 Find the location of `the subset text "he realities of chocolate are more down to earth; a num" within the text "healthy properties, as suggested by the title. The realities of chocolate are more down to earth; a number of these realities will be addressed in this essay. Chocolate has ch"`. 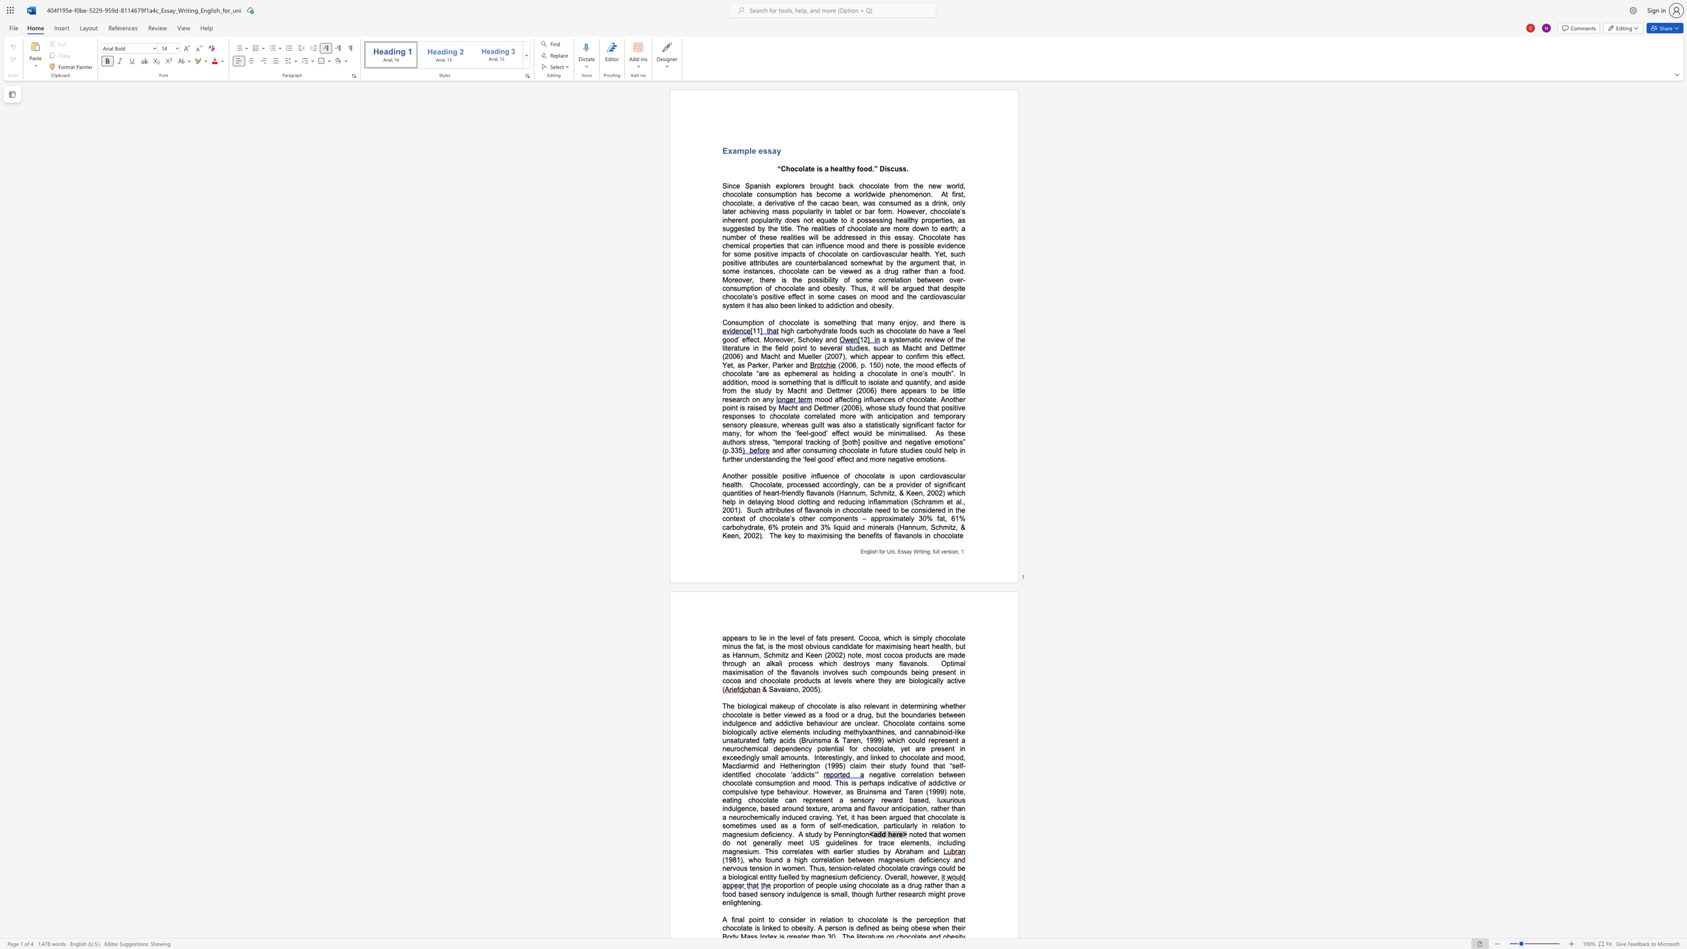

the subset text "he realities of chocolate are more down to earth; a num" within the text "healthy properties, as suggested by the title. The realities of chocolate are more down to earth; a number of these realities will be addressed in this essay. Chocolate has ch" is located at coordinates (800, 229).